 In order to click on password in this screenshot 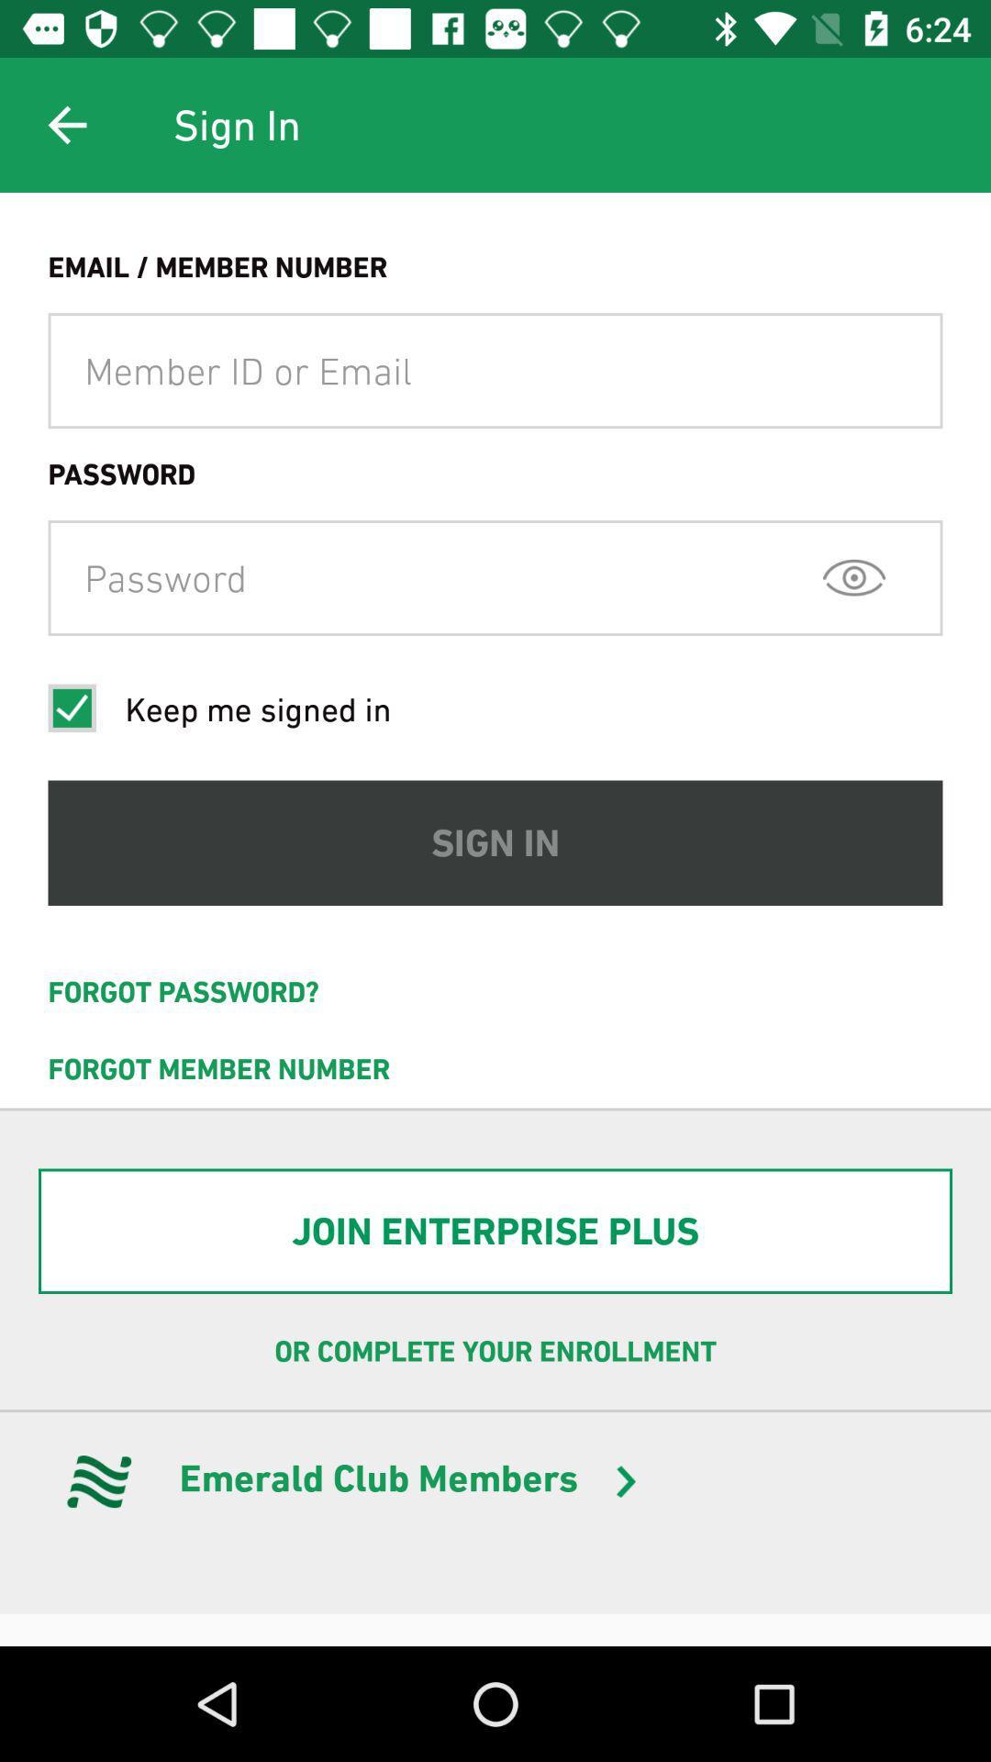, I will do `click(495, 576)`.